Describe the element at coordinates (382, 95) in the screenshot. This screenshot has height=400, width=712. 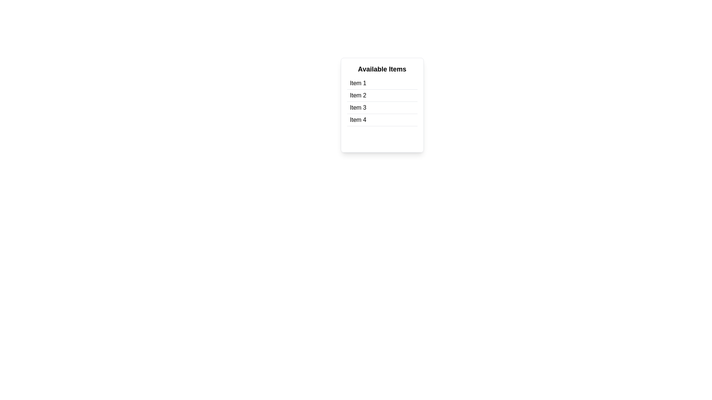
I see `the list item labeled 'Item 2', which is the second item in the vertical list under 'Available Items'` at that location.